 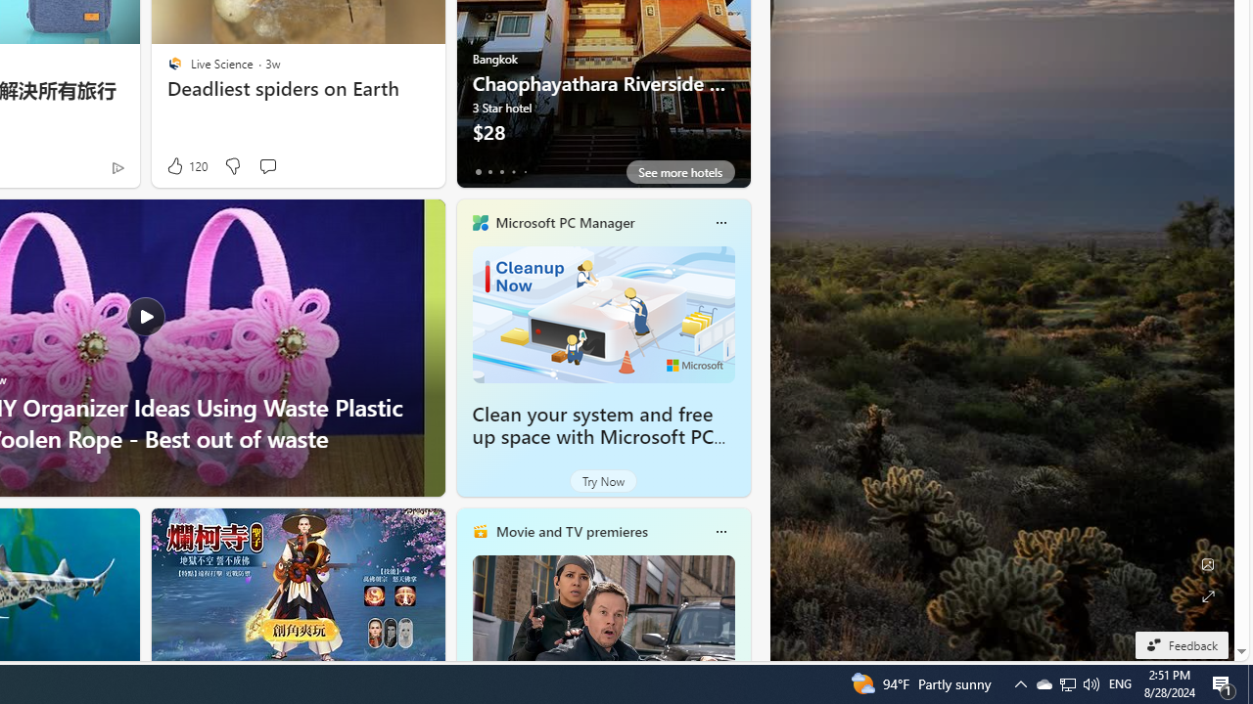 I want to click on 'tab-1', so click(x=489, y=171).